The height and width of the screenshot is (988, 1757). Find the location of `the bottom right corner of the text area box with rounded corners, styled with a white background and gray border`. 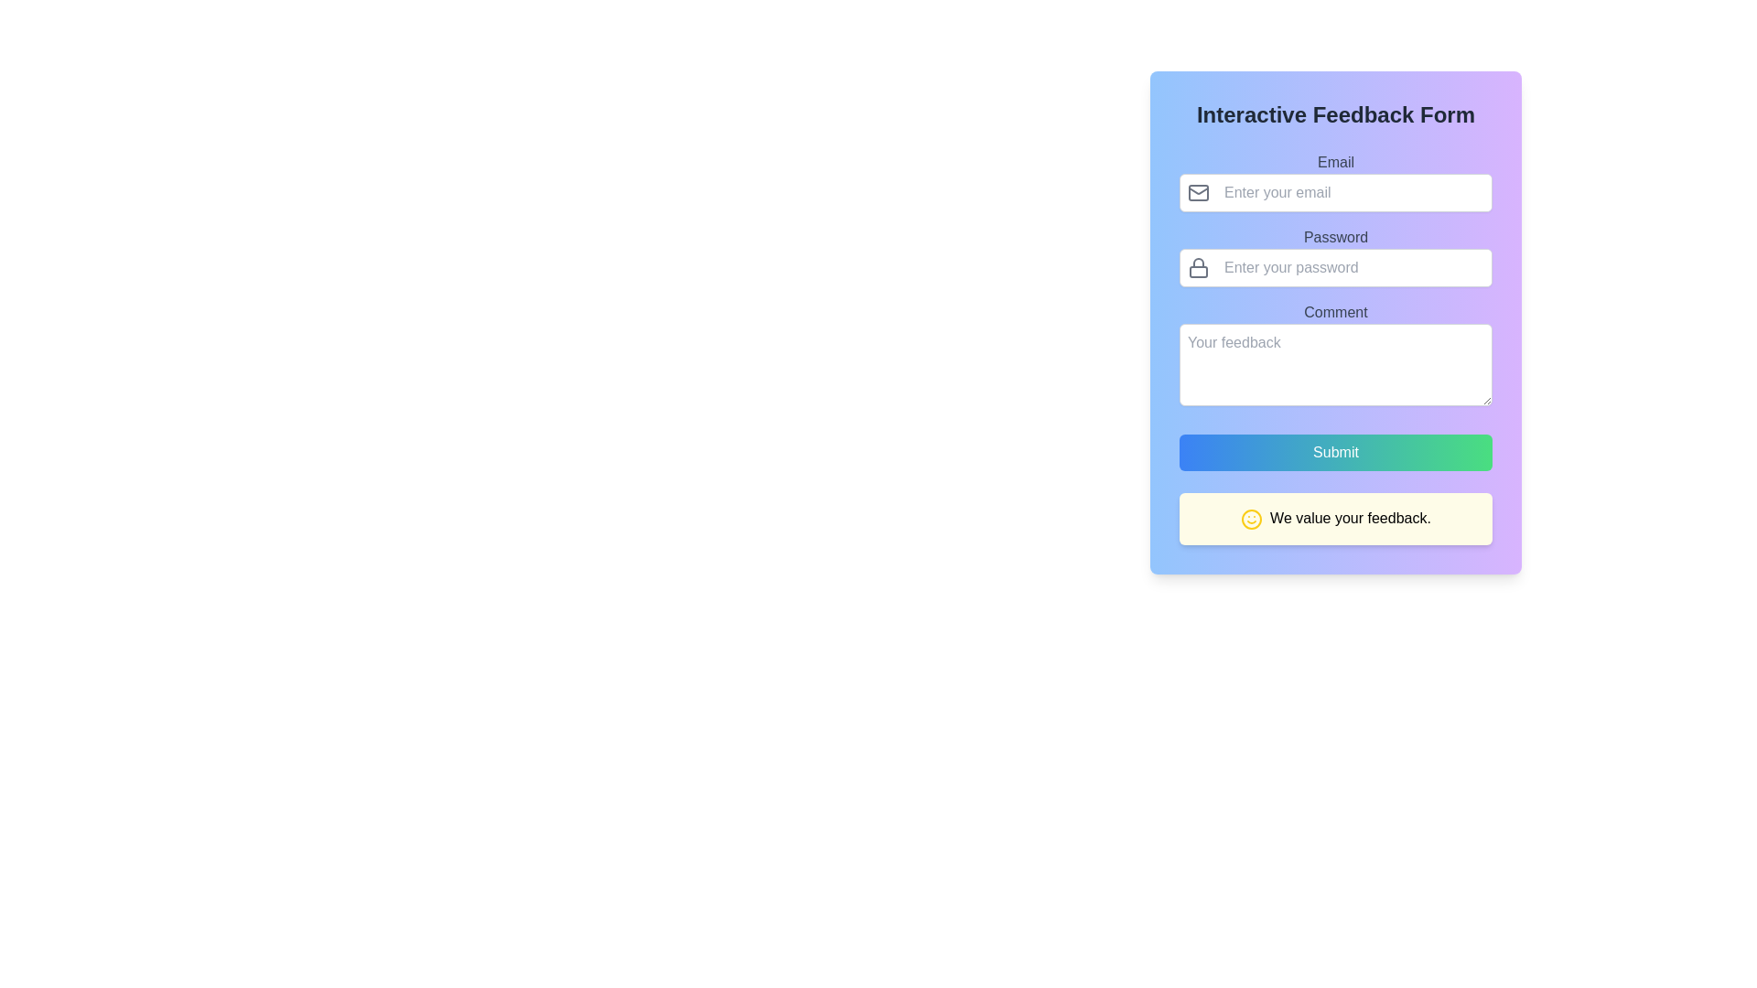

the bottom right corner of the text area box with rounded corners, styled with a white background and gray border is located at coordinates (1335, 364).